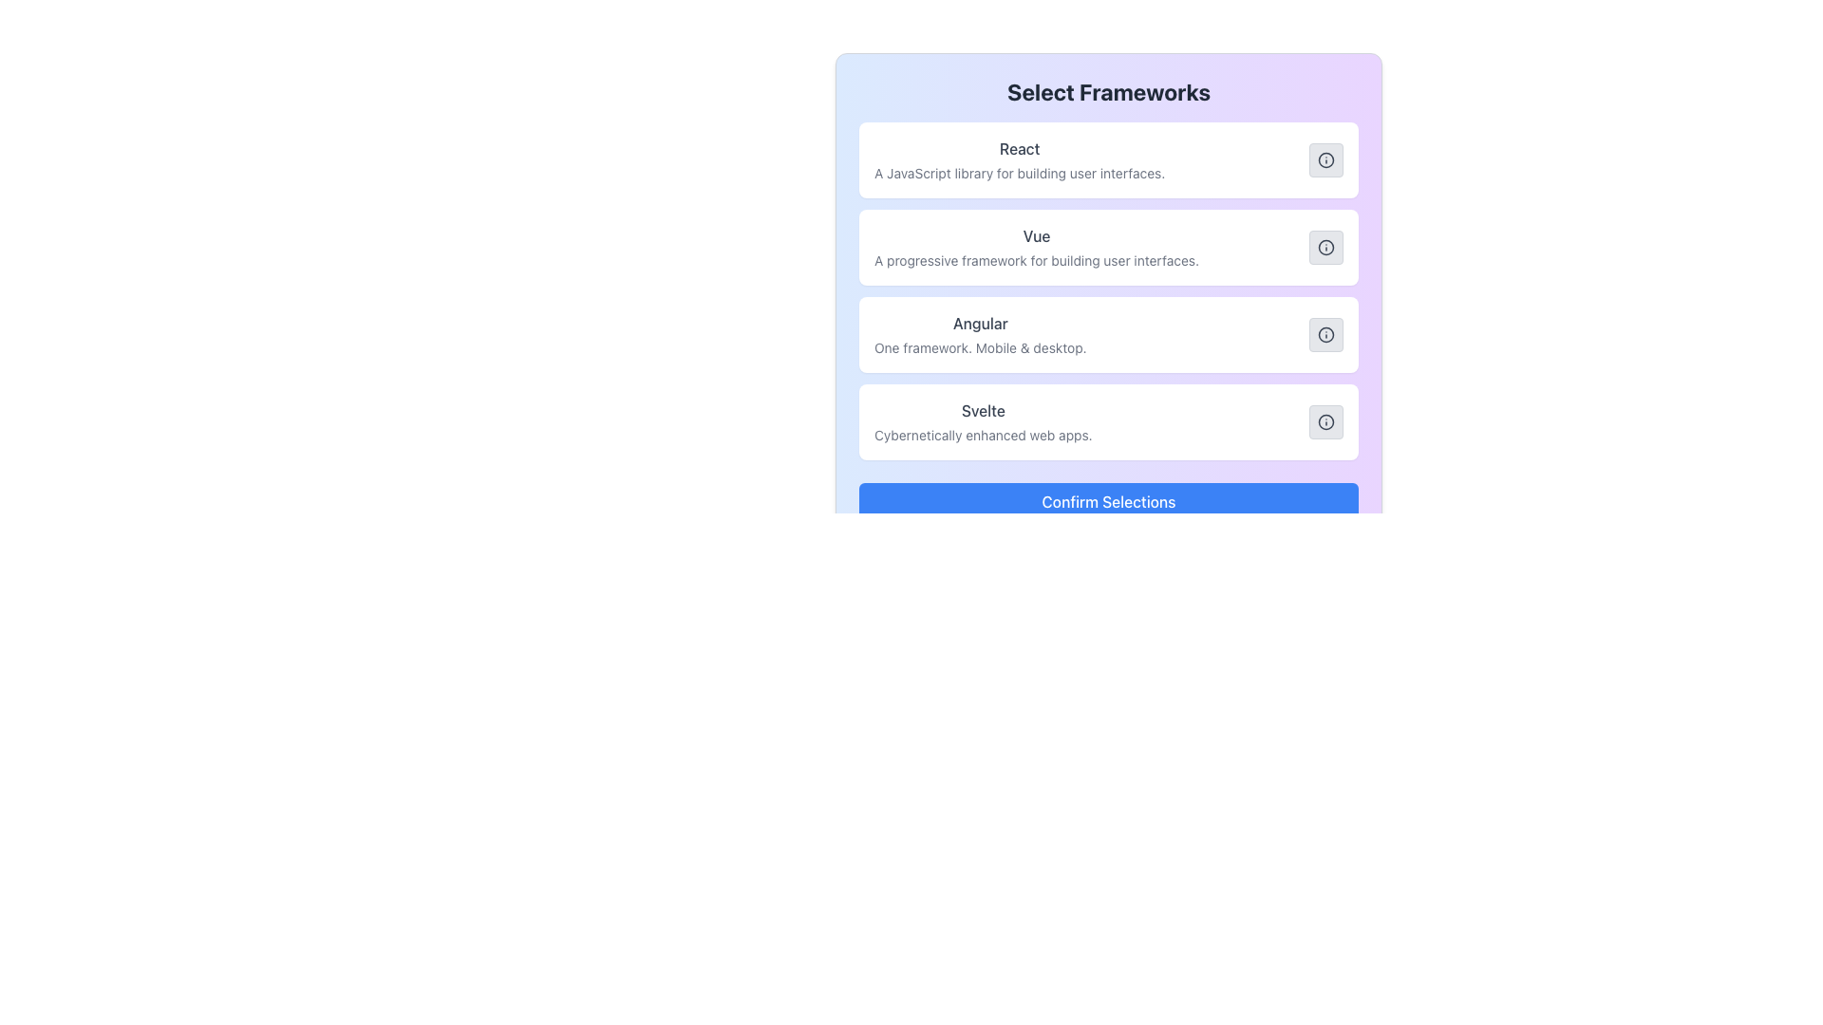 This screenshot has width=1823, height=1025. Describe the element at coordinates (1019, 159) in the screenshot. I see `main text 'React' and its description from the Text label with description located in the 'Select Frameworks' interface, which is the topmost item in the list of framework options` at that location.